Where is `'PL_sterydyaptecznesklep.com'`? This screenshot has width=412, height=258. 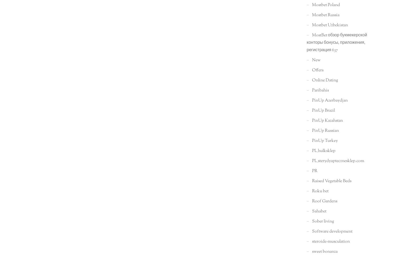
'PL_sterydyaptecznesklep.com' is located at coordinates (338, 161).